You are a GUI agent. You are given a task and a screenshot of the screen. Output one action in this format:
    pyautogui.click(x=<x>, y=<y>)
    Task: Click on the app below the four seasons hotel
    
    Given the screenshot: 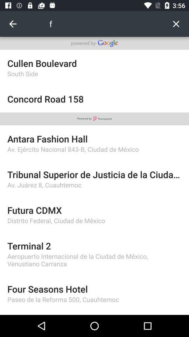 What is the action you would take?
    pyautogui.click(x=94, y=299)
    